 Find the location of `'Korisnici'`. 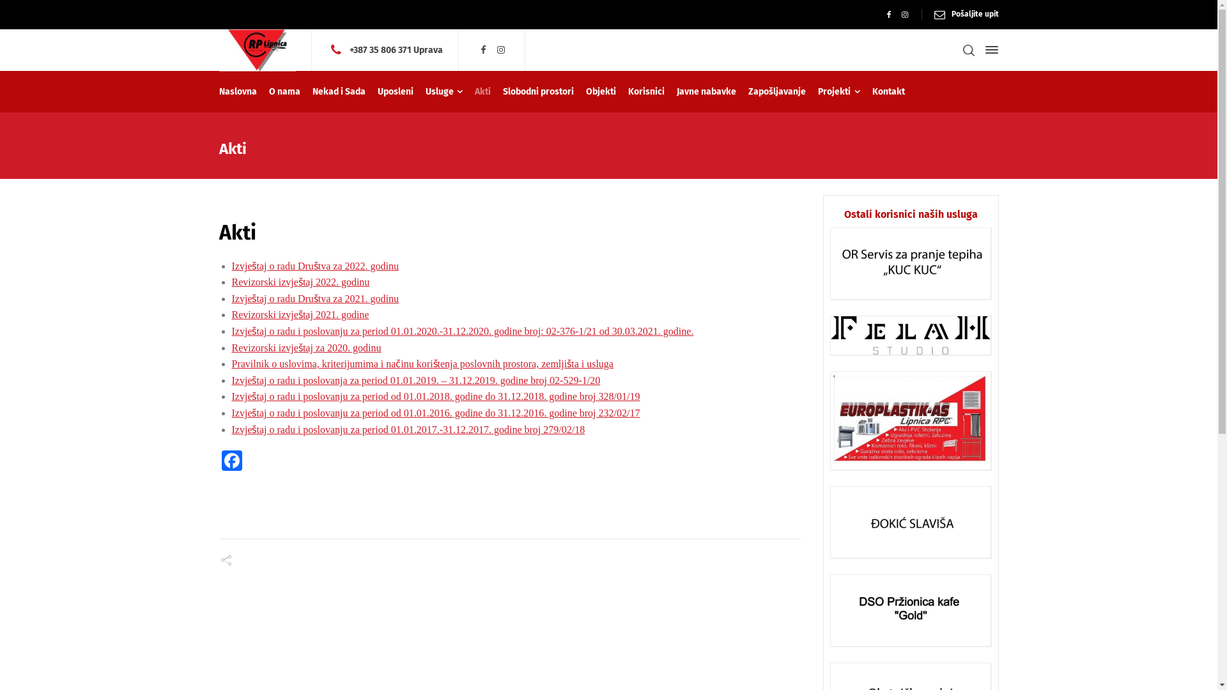

'Korisnici' is located at coordinates (647, 91).